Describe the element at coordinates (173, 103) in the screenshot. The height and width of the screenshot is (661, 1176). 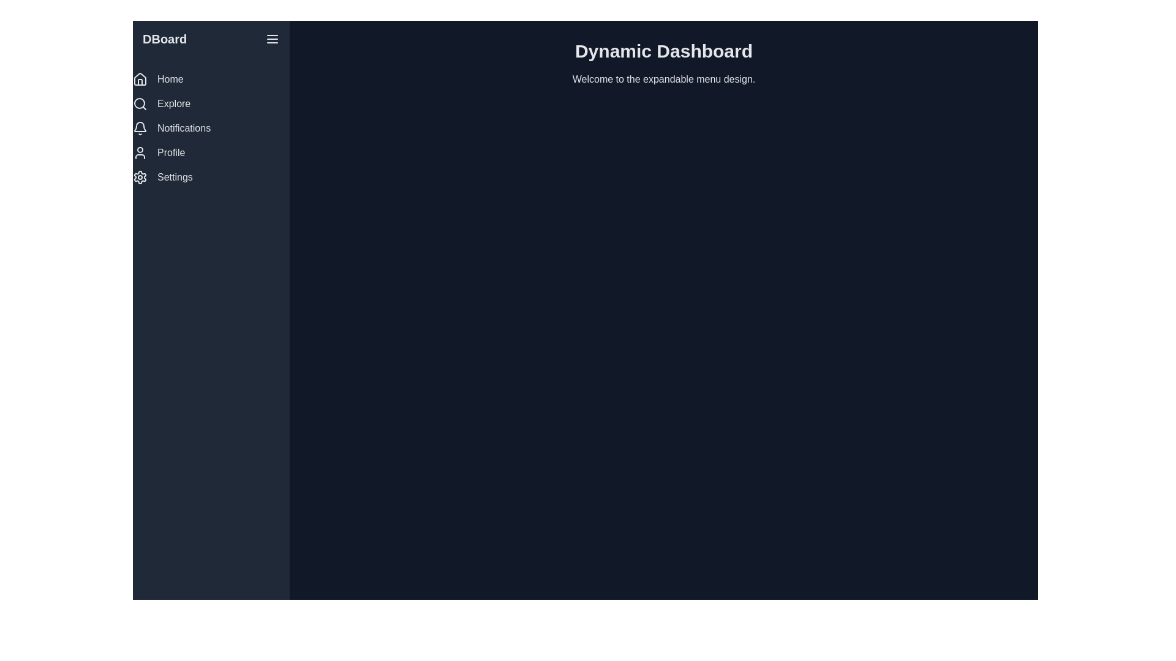
I see `the 'Explore' text label located in the vertical navigation menu, which is the second item from the top and situated to the right of the magnifying glass icon` at that location.